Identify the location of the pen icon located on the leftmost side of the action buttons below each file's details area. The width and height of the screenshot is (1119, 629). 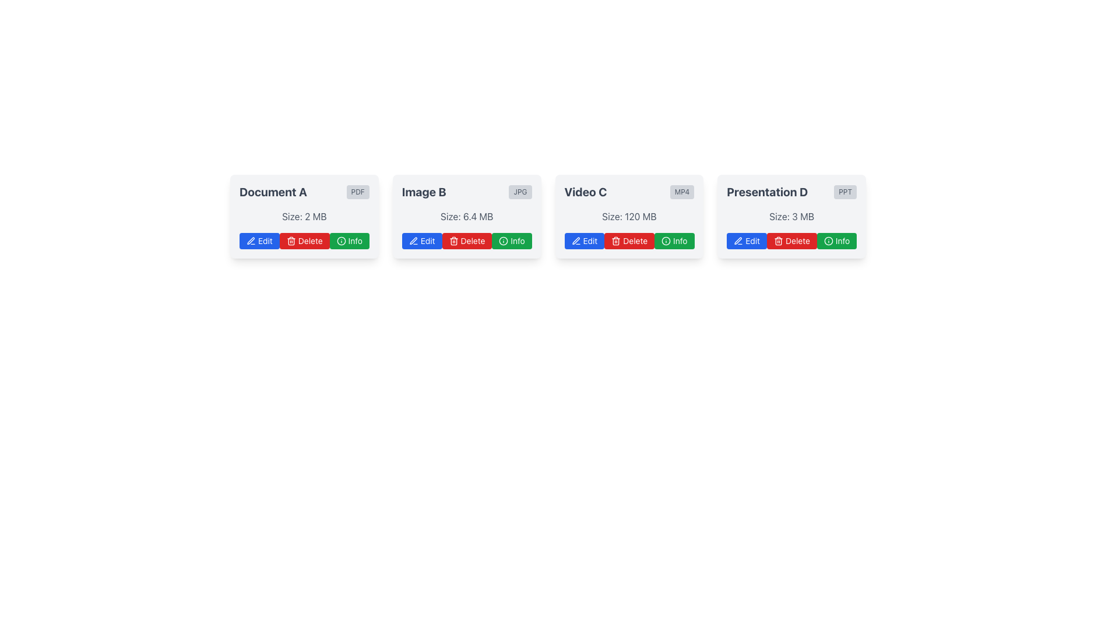
(576, 240).